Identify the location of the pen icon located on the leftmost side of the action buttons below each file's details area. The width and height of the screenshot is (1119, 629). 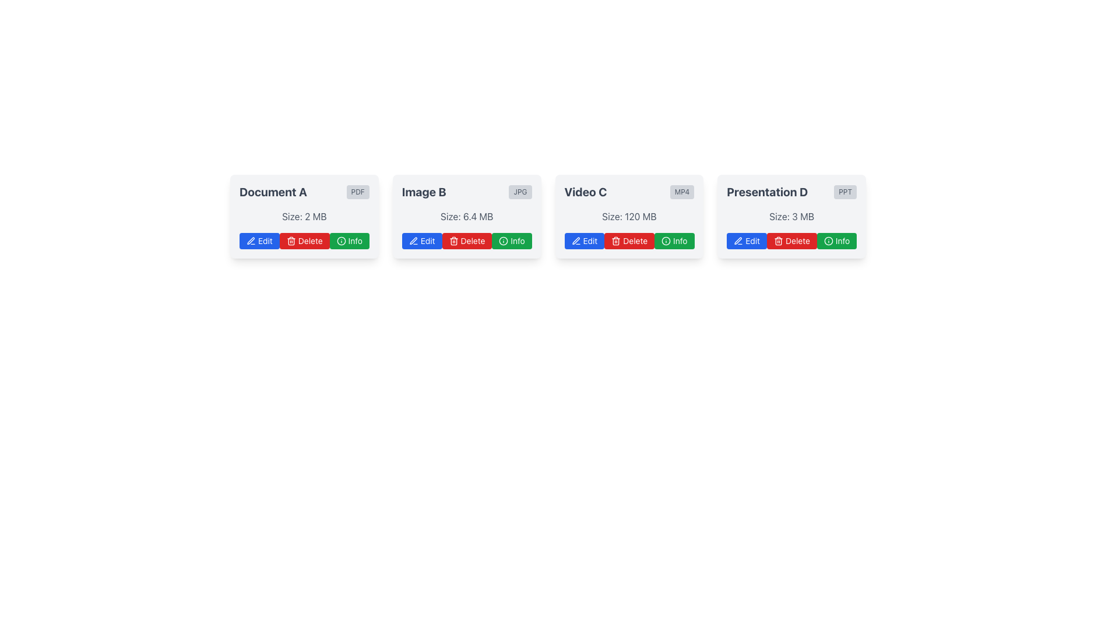
(576, 240).